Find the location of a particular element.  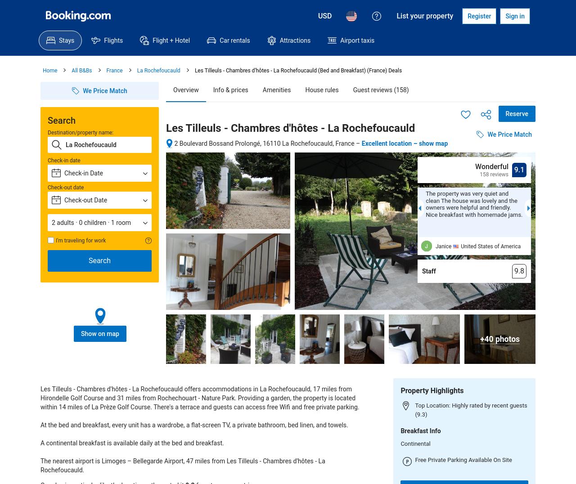

'Janice' is located at coordinates (435, 246).